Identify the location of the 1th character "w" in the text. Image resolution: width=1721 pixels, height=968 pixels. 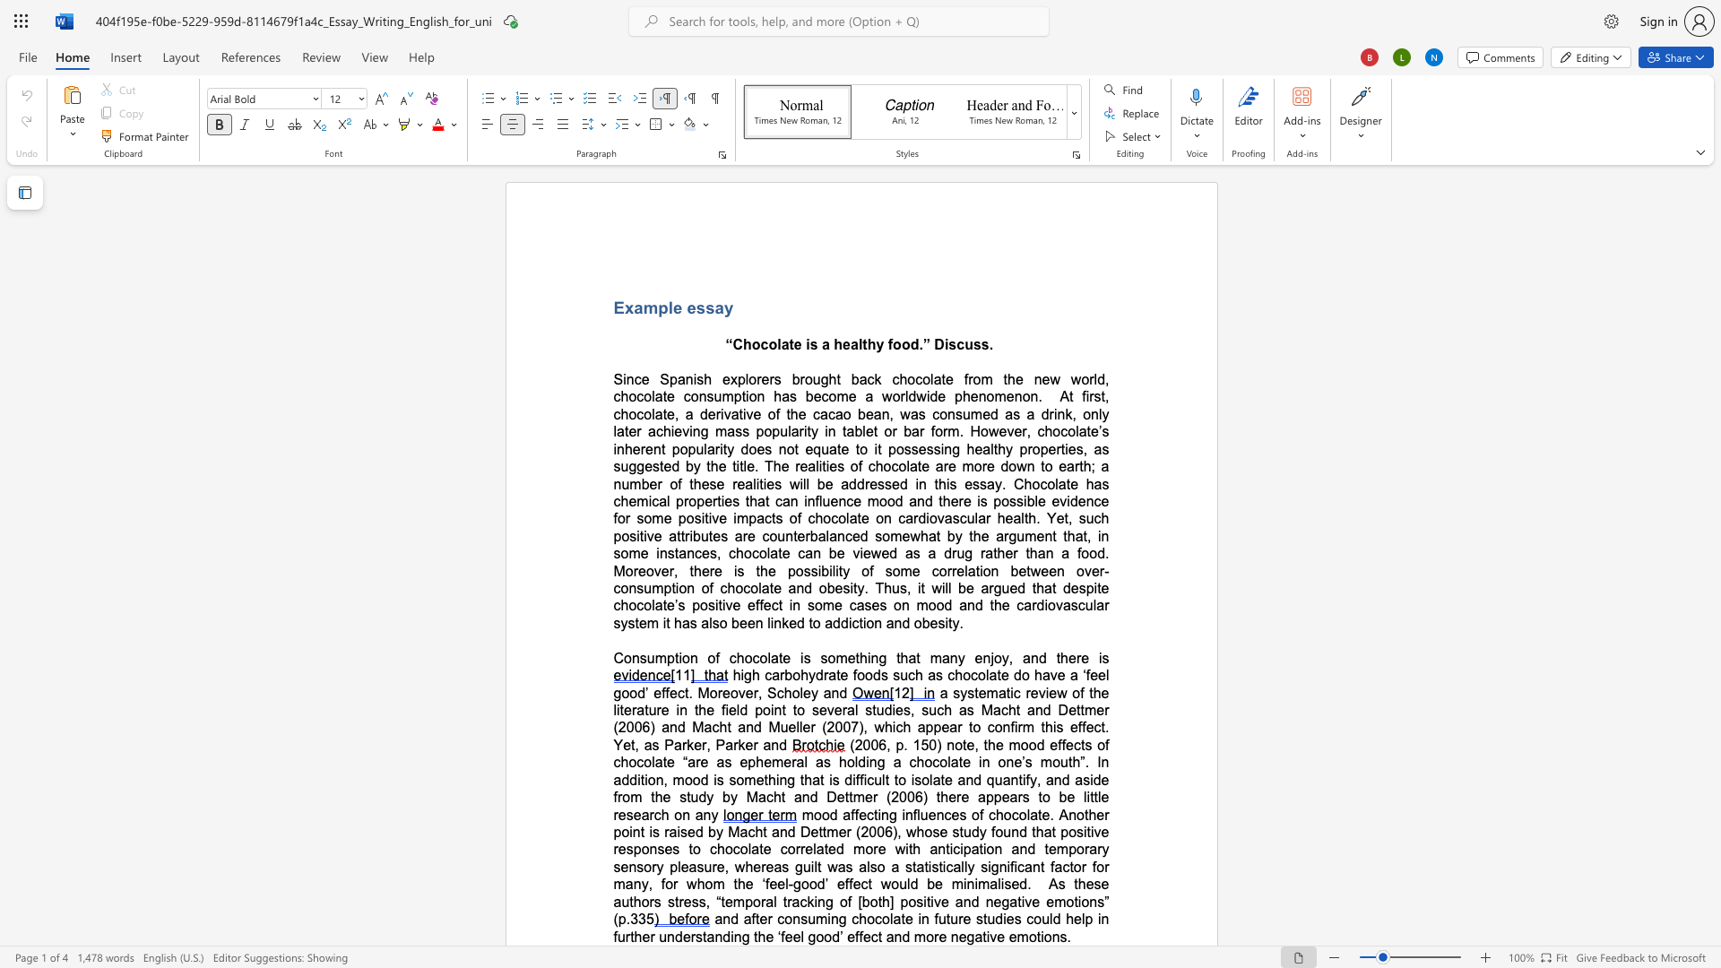
(1055, 378).